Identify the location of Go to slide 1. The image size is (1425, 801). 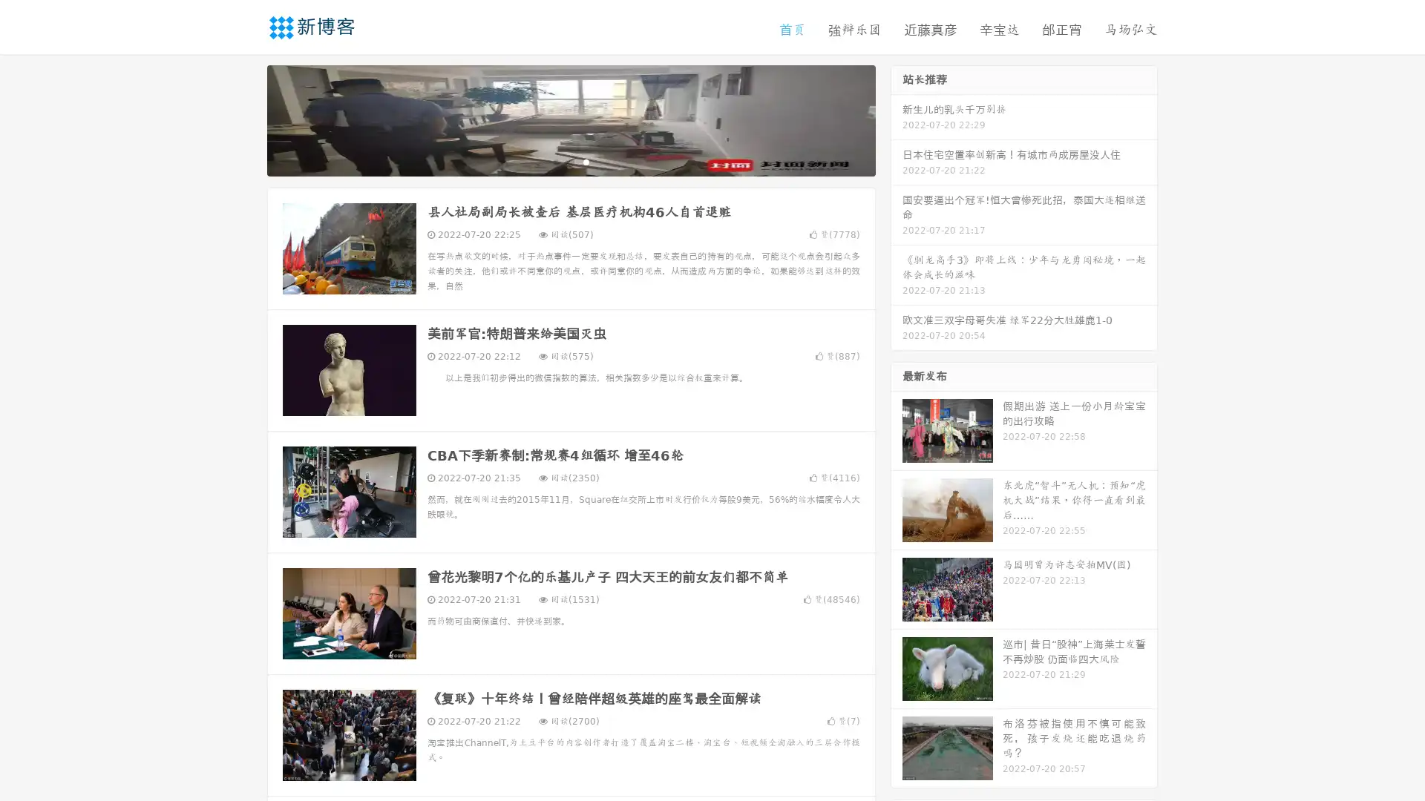
(555, 167).